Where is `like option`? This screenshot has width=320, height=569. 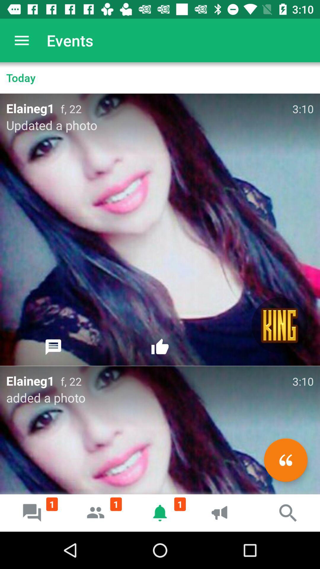 like option is located at coordinates (160, 347).